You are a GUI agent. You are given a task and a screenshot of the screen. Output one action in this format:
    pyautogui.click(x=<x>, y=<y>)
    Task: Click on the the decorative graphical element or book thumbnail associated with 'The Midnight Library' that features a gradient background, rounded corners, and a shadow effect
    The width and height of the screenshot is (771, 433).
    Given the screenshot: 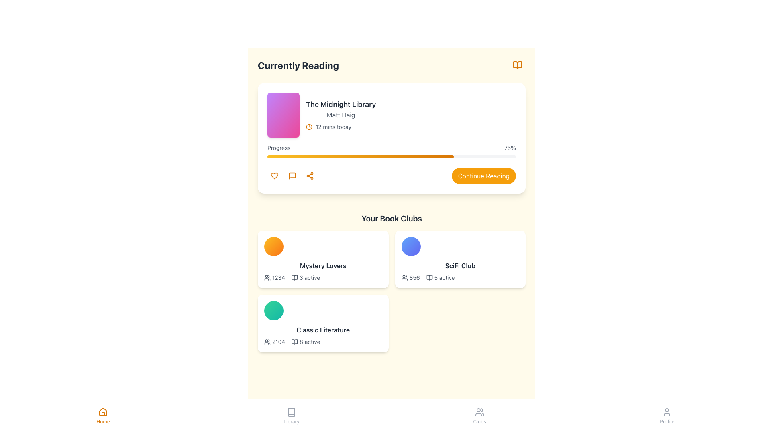 What is the action you would take?
    pyautogui.click(x=283, y=115)
    